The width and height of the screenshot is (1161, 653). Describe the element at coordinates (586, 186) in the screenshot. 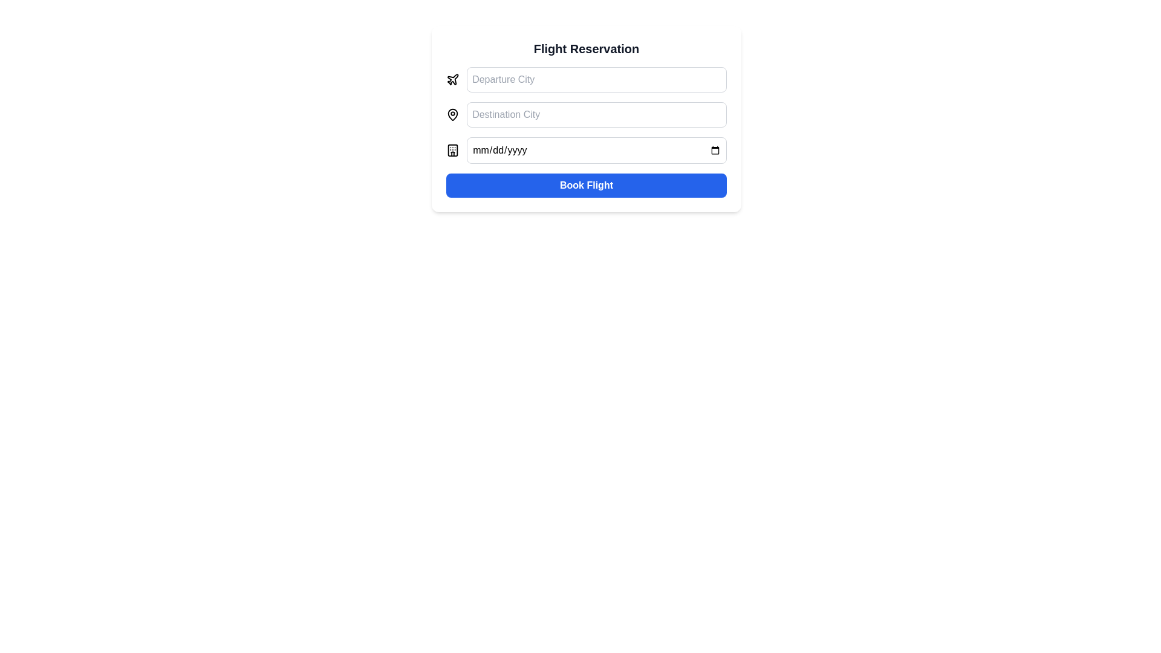

I see `the 'Submit' button within the 'Flight Reservation' card to interact with the keyboard` at that location.